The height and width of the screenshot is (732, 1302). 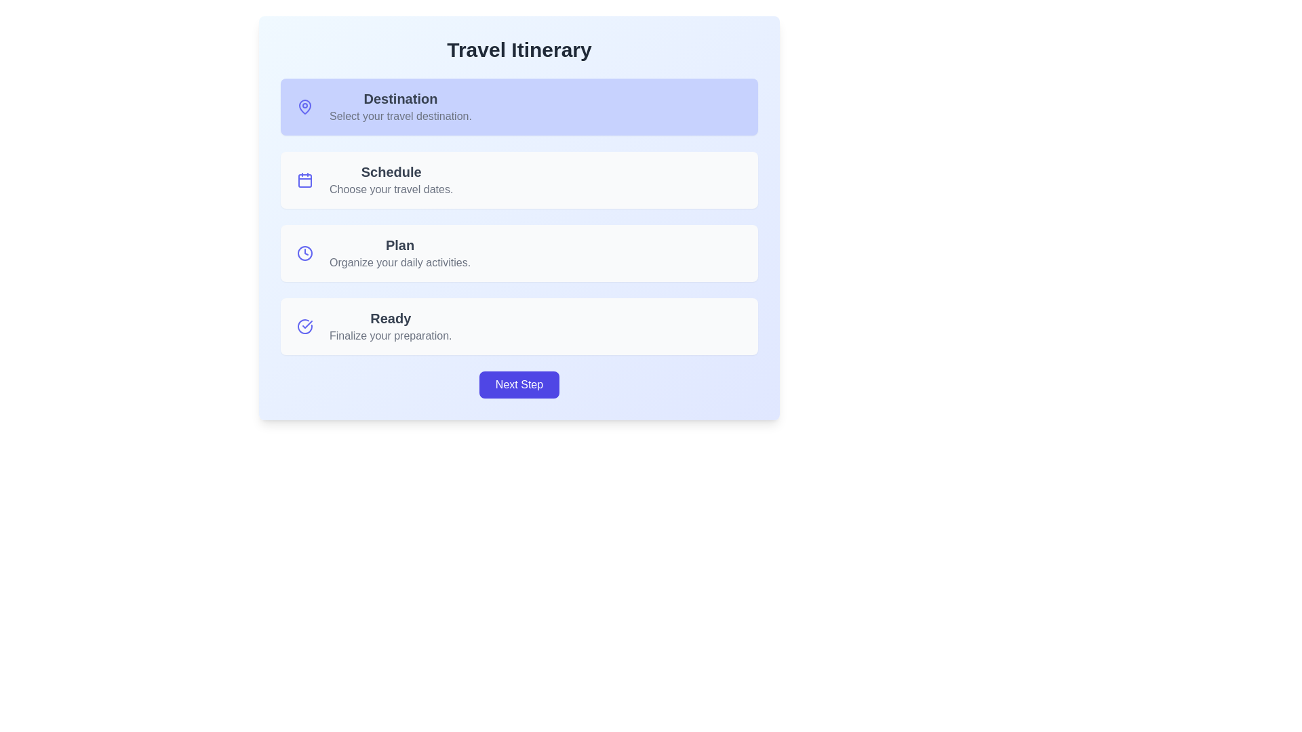 What do you see at coordinates (304, 327) in the screenshot?
I see `the outer curved segment of the circular icon representing completion or readiness, located in the fourth row of the vertical list labeled 'Ready.'` at bounding box center [304, 327].